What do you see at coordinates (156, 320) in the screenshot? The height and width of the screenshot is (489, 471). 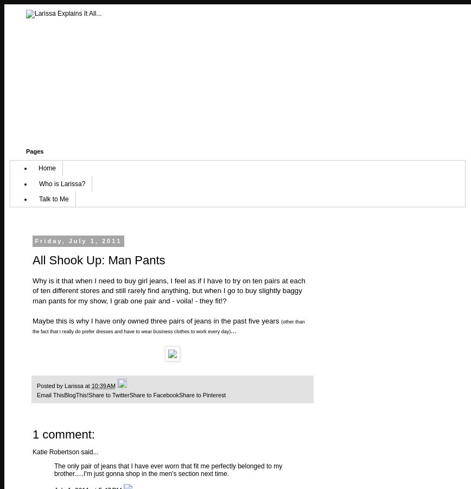 I see `'Maybe this is why I have only owned three pairs of jeans in the past five years'` at bounding box center [156, 320].